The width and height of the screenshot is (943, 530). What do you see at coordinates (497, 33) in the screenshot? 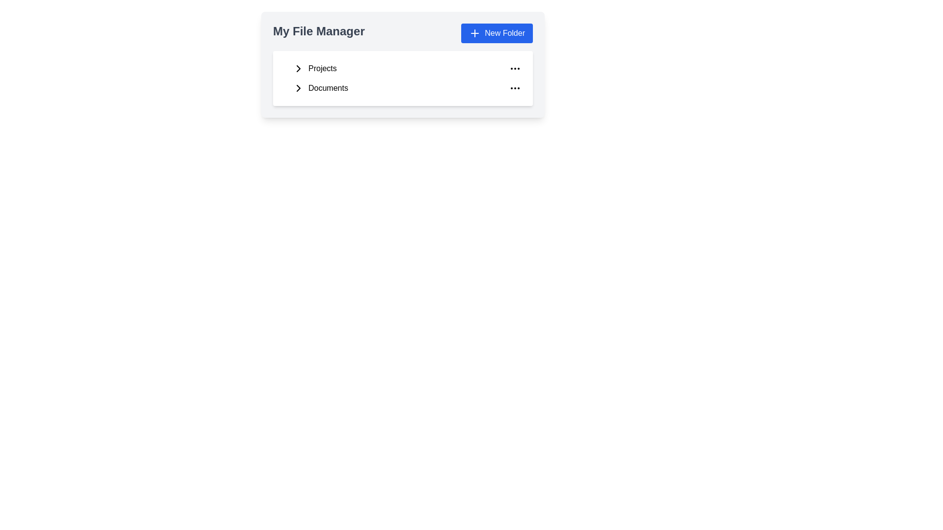
I see `the blue 'New Folder' button with rounded corners located at the top right of the 'My File Manager' section` at bounding box center [497, 33].